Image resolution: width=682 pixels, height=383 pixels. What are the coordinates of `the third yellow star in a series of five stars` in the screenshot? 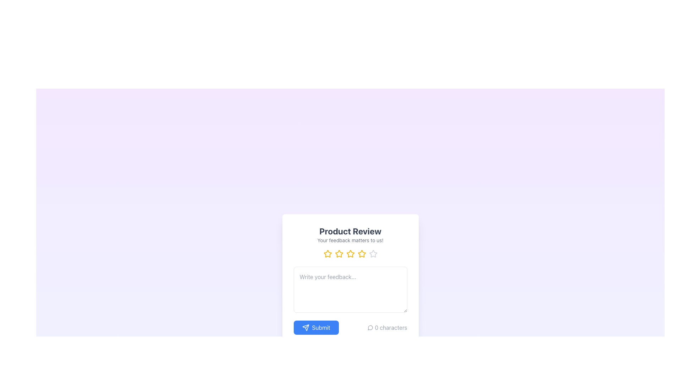 It's located at (339, 254).